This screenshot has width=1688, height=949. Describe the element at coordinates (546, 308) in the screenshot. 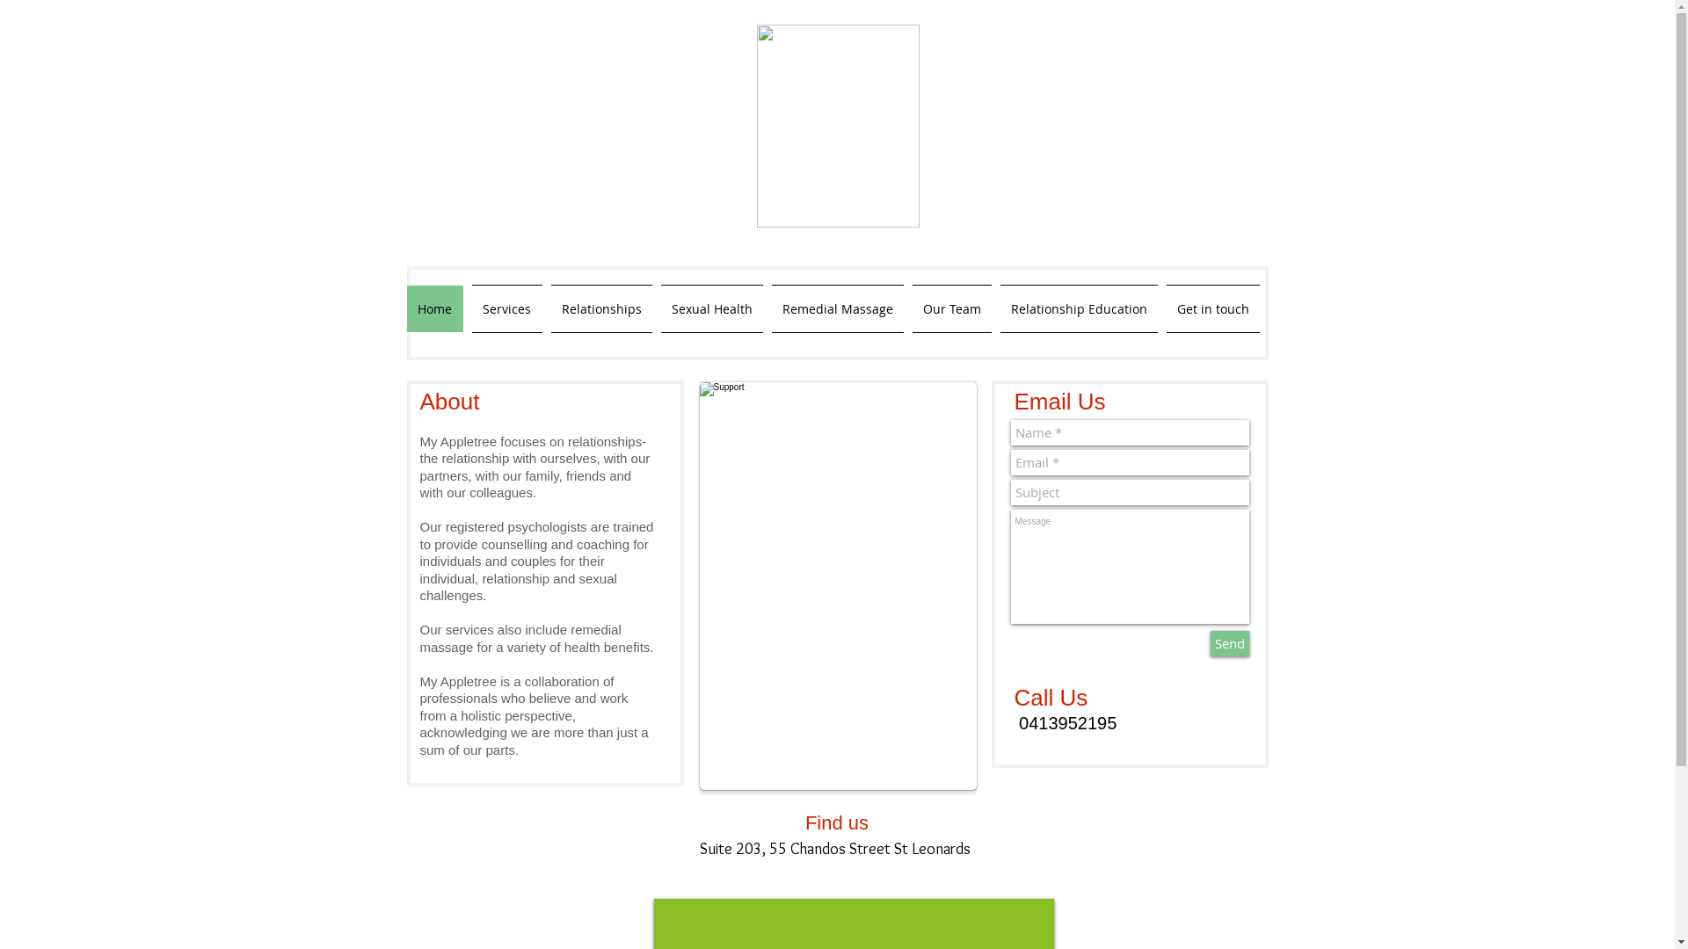

I see `'Relationships'` at that location.